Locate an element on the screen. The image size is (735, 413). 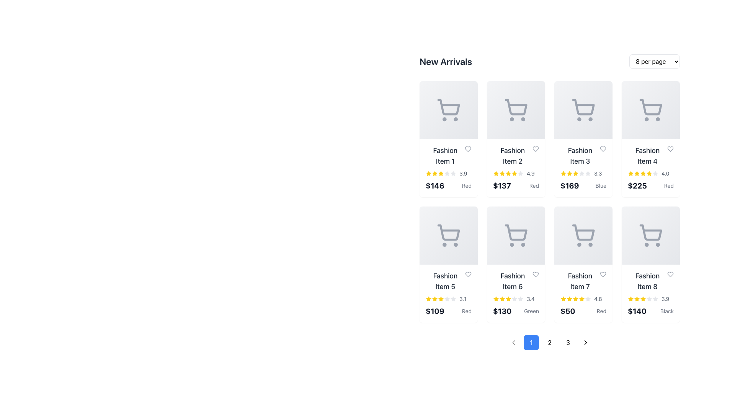
the shopping cart icon in the top right corner of the product card for information is located at coordinates (650, 110).